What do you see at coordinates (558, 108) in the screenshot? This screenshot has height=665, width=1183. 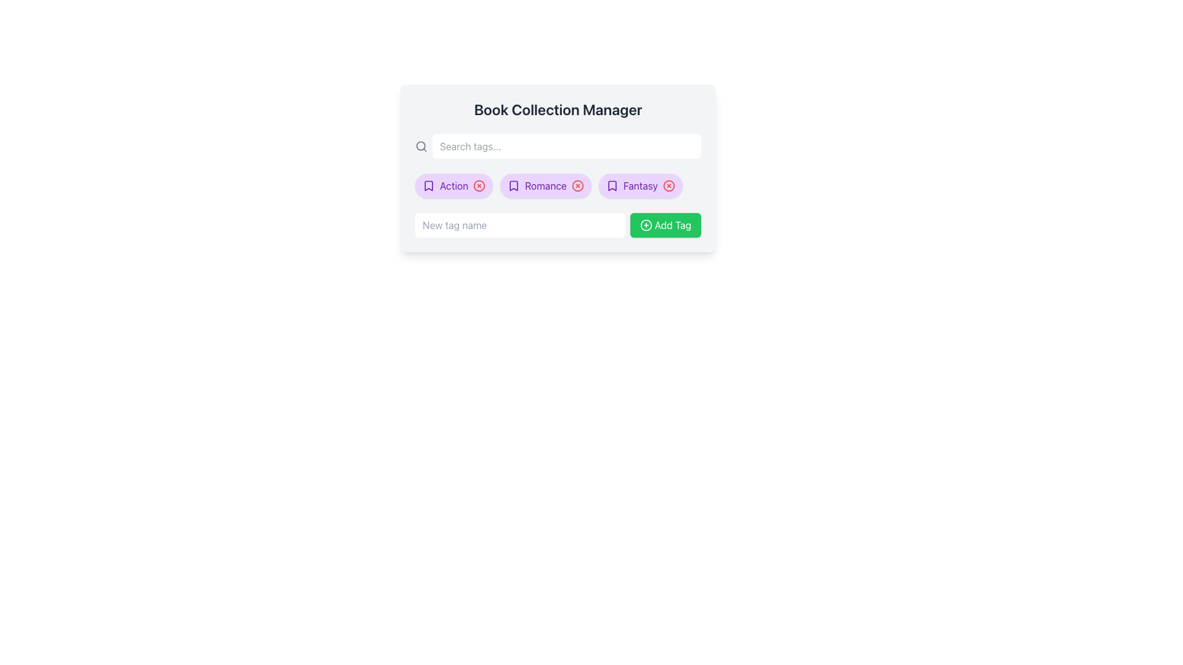 I see `the text label titled 'Book Collection Manager' which is displayed in a large, bold font at the top center of the interface` at bounding box center [558, 108].